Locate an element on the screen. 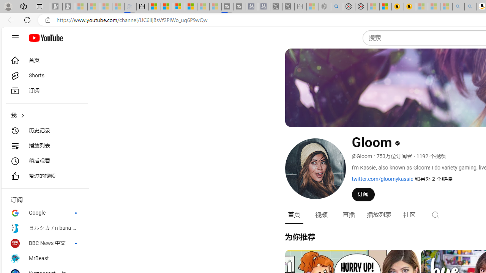 This screenshot has height=273, width=486. 'Nordace - Summer Adventures 2024 - Sleeping' is located at coordinates (325, 6).